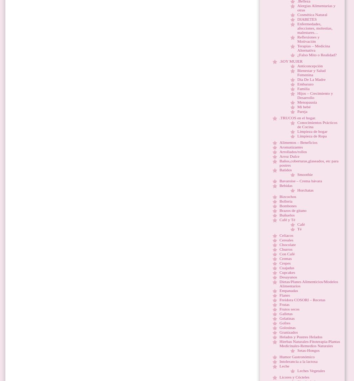 The height and width of the screenshot is (381, 354). I want to click on 'Baños,coberturas,glaseados, etc para postres', so click(308, 163).